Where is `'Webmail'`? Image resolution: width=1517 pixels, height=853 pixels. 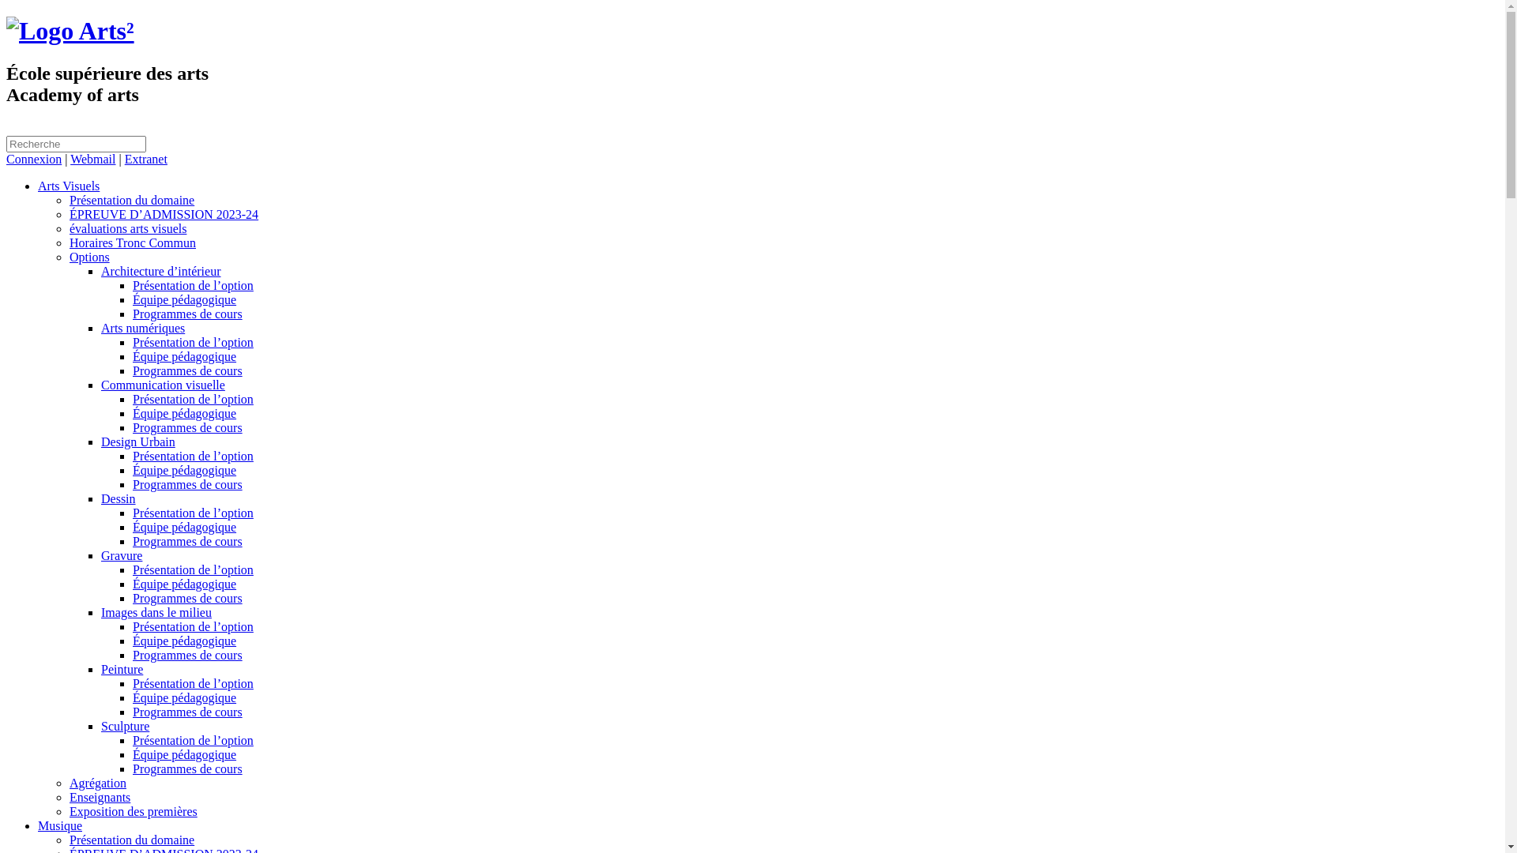 'Webmail' is located at coordinates (92, 159).